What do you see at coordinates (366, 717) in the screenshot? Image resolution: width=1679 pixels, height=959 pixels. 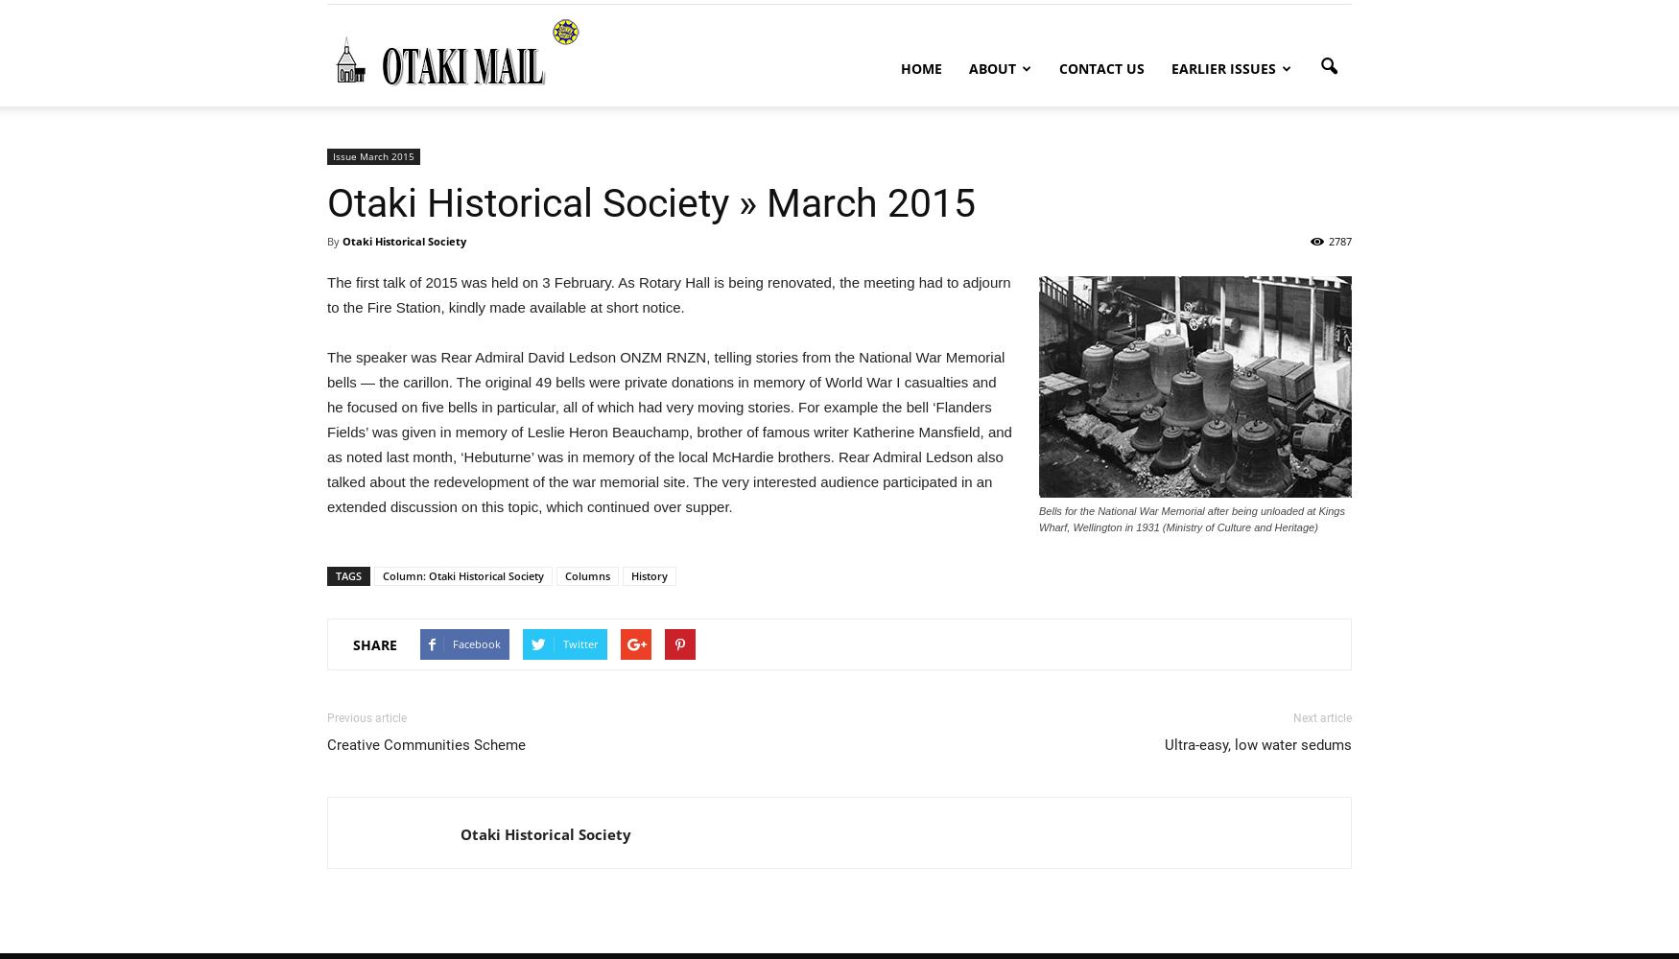 I see `'Previous article'` at bounding box center [366, 717].